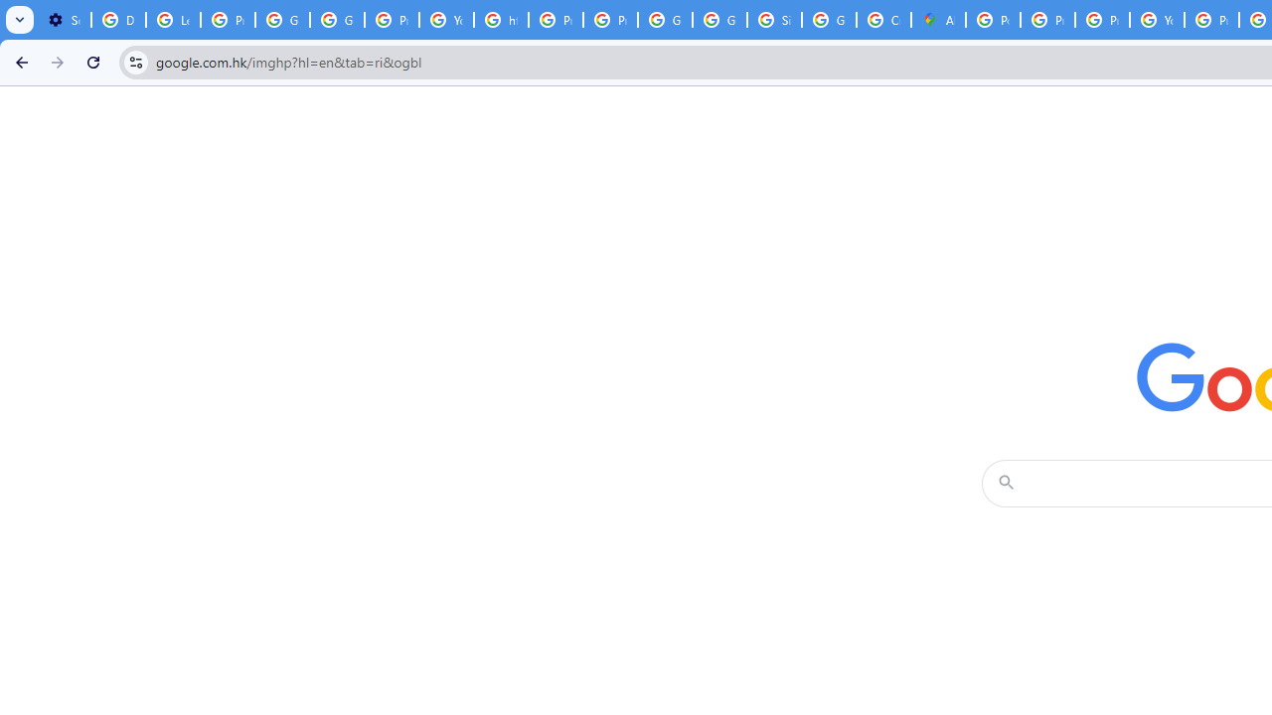 The width and height of the screenshot is (1272, 715). I want to click on 'Create your Google Account', so click(881, 20).